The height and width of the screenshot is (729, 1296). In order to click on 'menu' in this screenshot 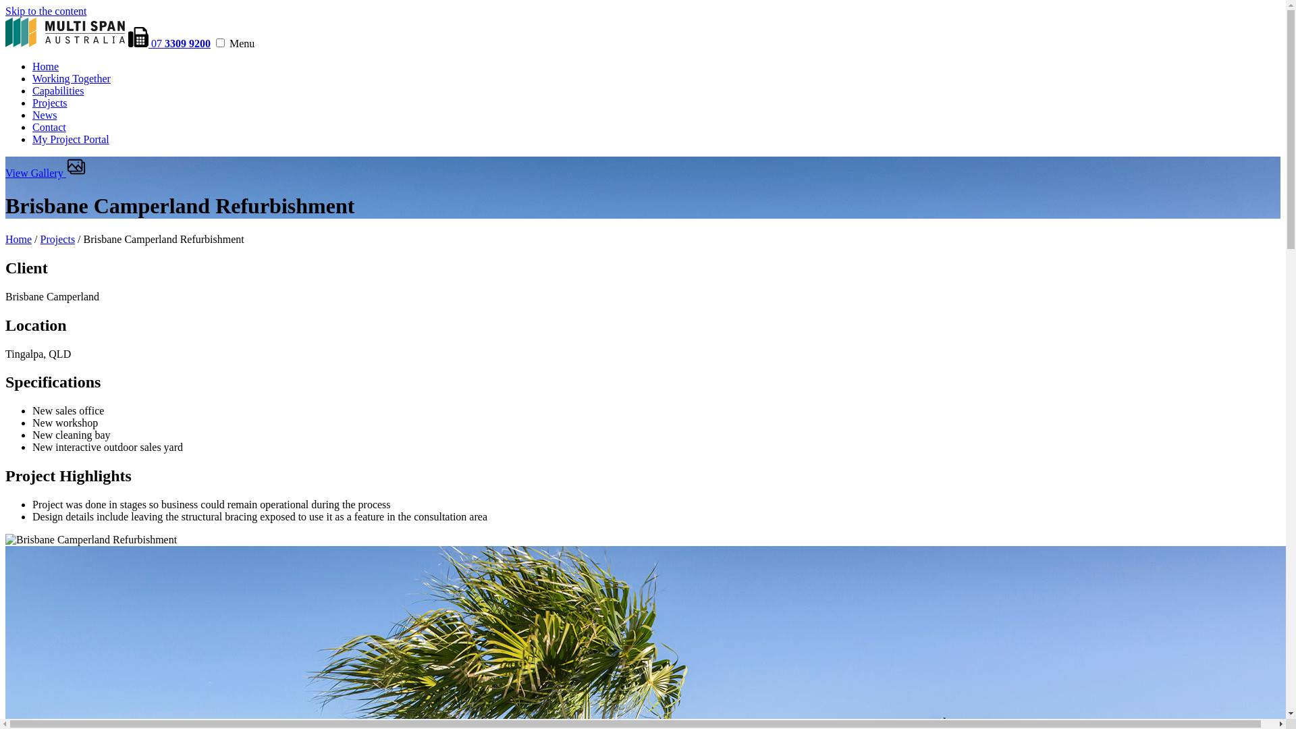, I will do `click(220, 42)`.